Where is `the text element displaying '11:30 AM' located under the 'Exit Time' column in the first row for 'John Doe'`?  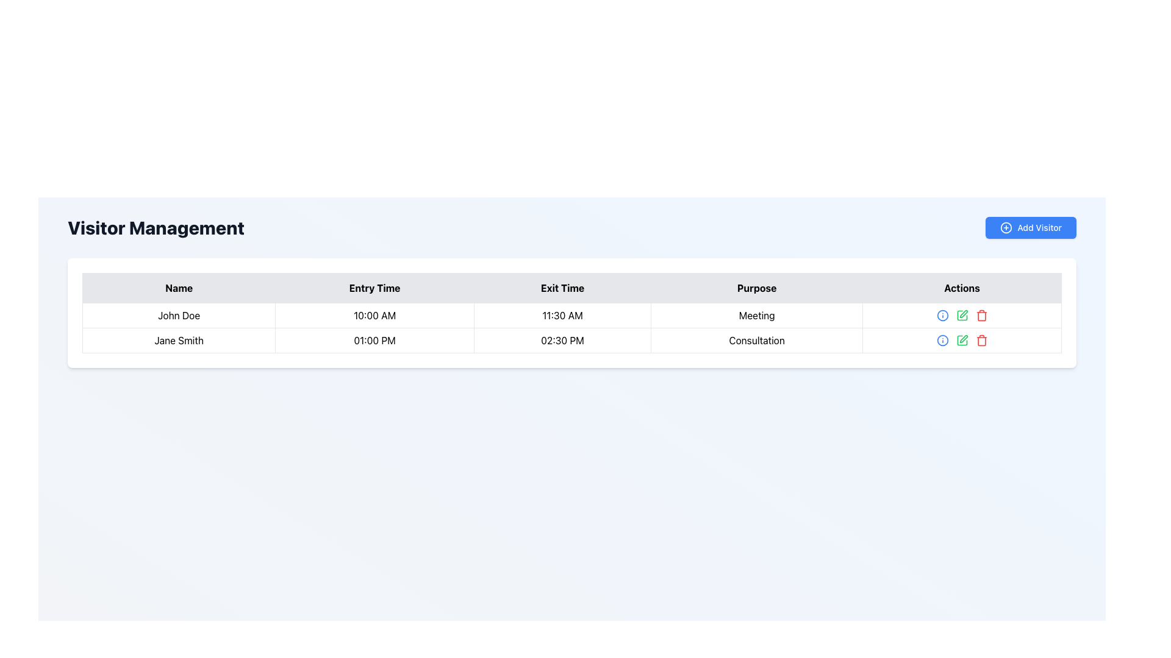 the text element displaying '11:30 AM' located under the 'Exit Time' column in the first row for 'John Doe' is located at coordinates (562, 314).